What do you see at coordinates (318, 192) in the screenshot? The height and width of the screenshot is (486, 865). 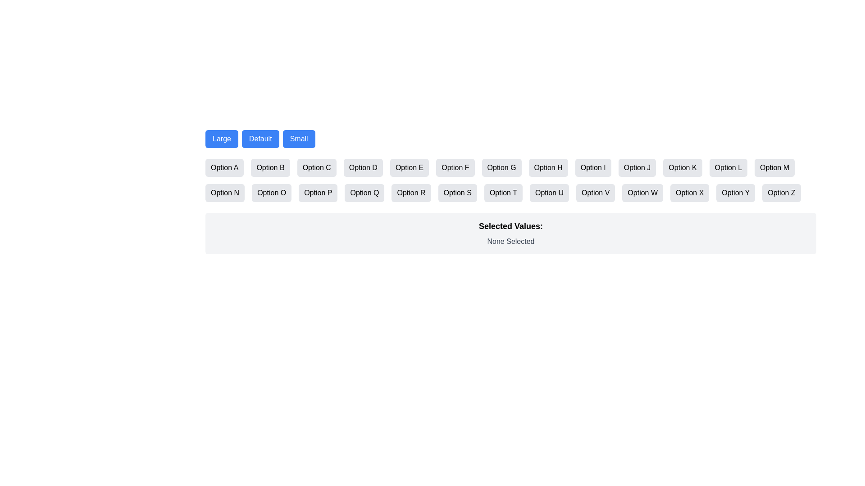 I see `the button labeled 'Option P' located in the second row of the grid layout, which is the third button from the left` at bounding box center [318, 192].